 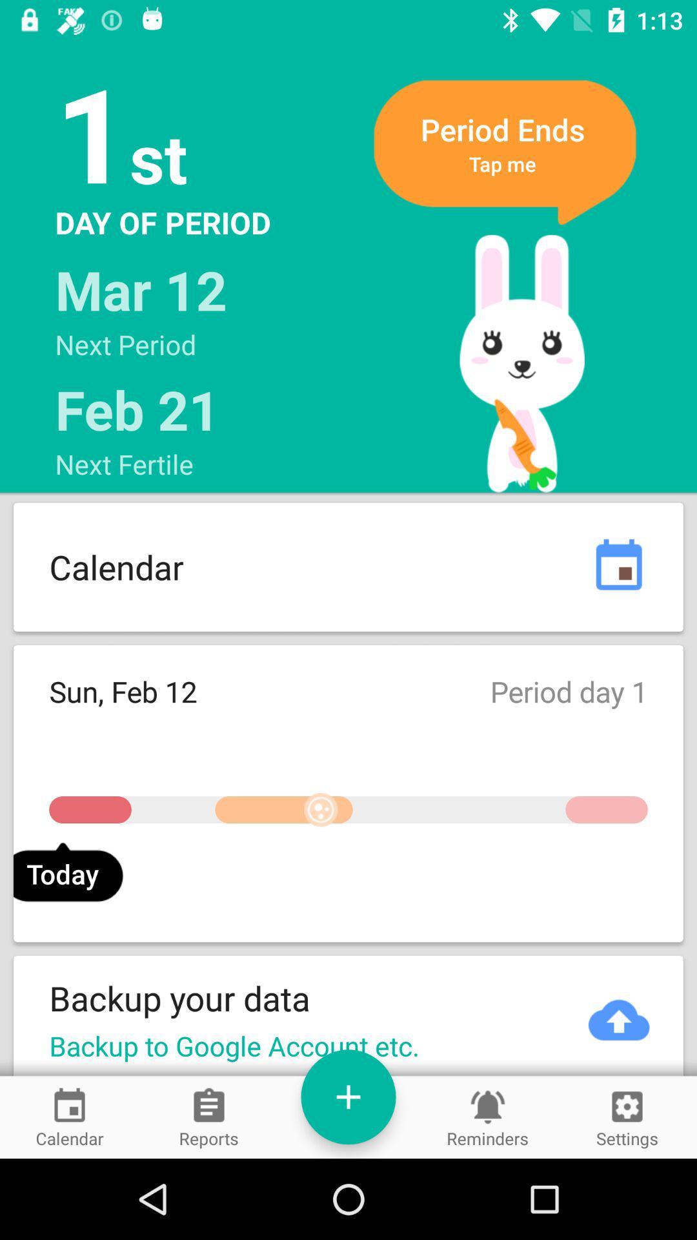 What do you see at coordinates (348, 1096) in the screenshot?
I see `the add icon` at bounding box center [348, 1096].